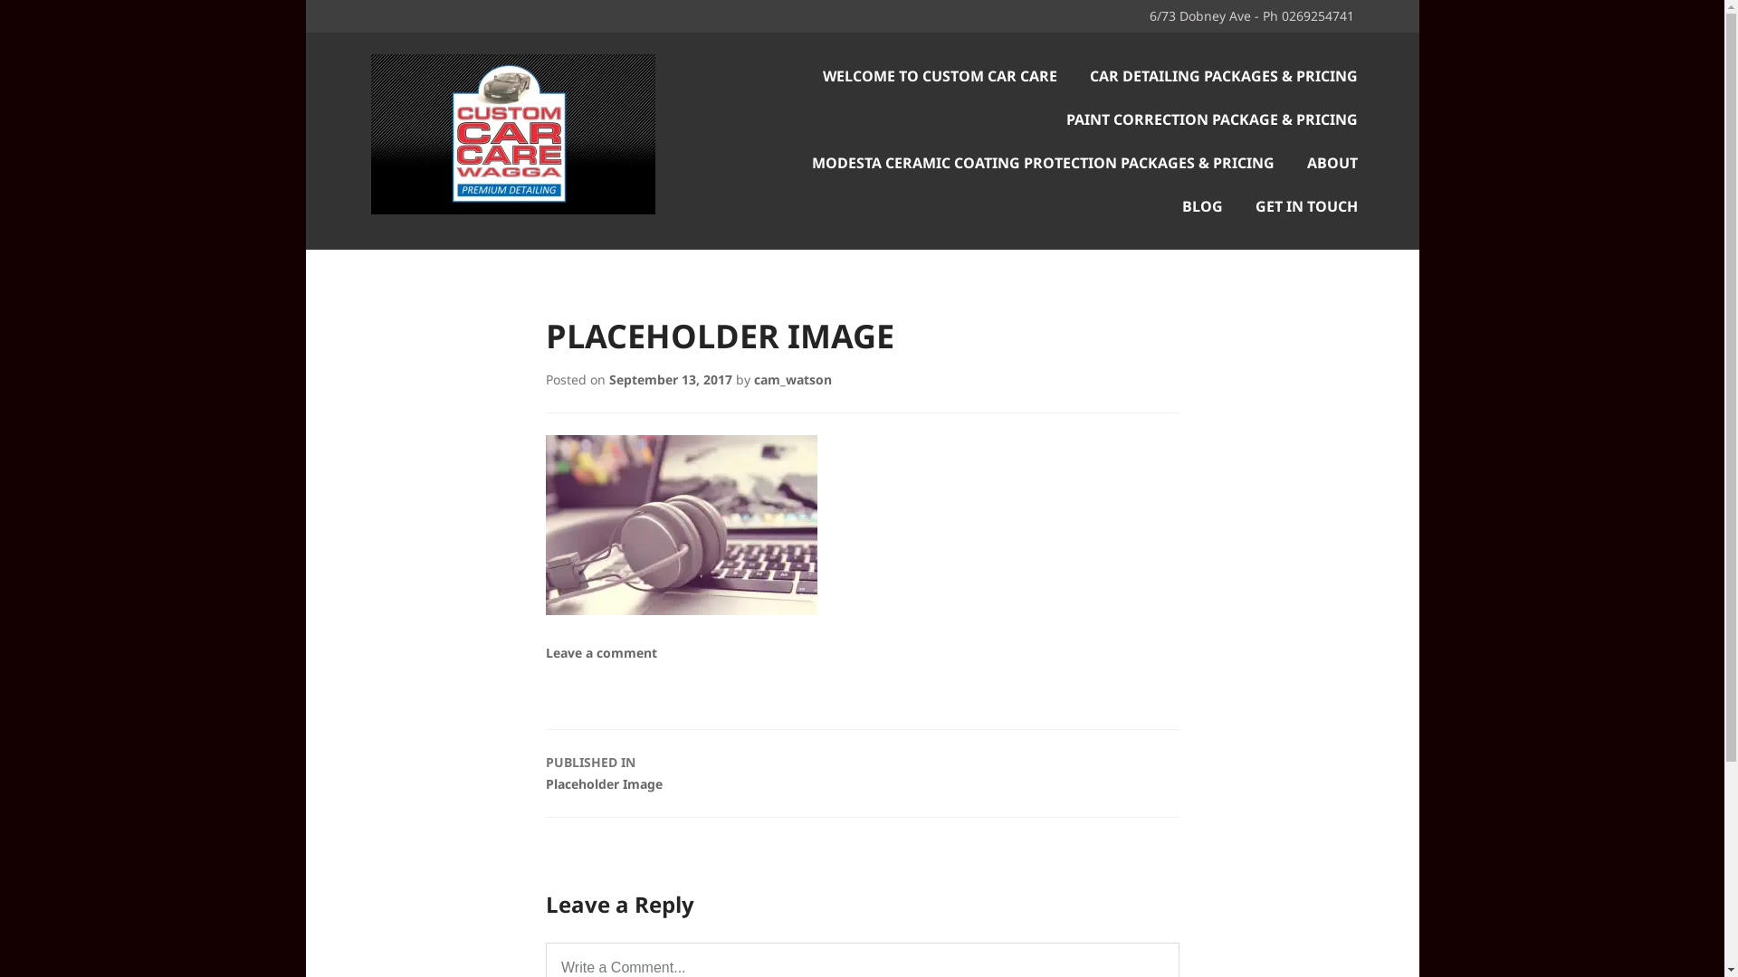  Describe the element at coordinates (820, 75) in the screenshot. I see `'WELCOME TO CUSTOM CAR CARE'` at that location.